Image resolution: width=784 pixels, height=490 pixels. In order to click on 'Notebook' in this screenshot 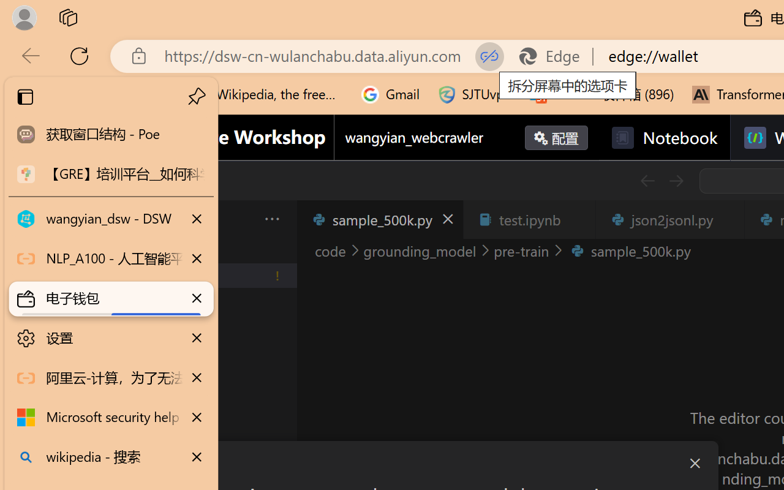, I will do `click(663, 138)`.